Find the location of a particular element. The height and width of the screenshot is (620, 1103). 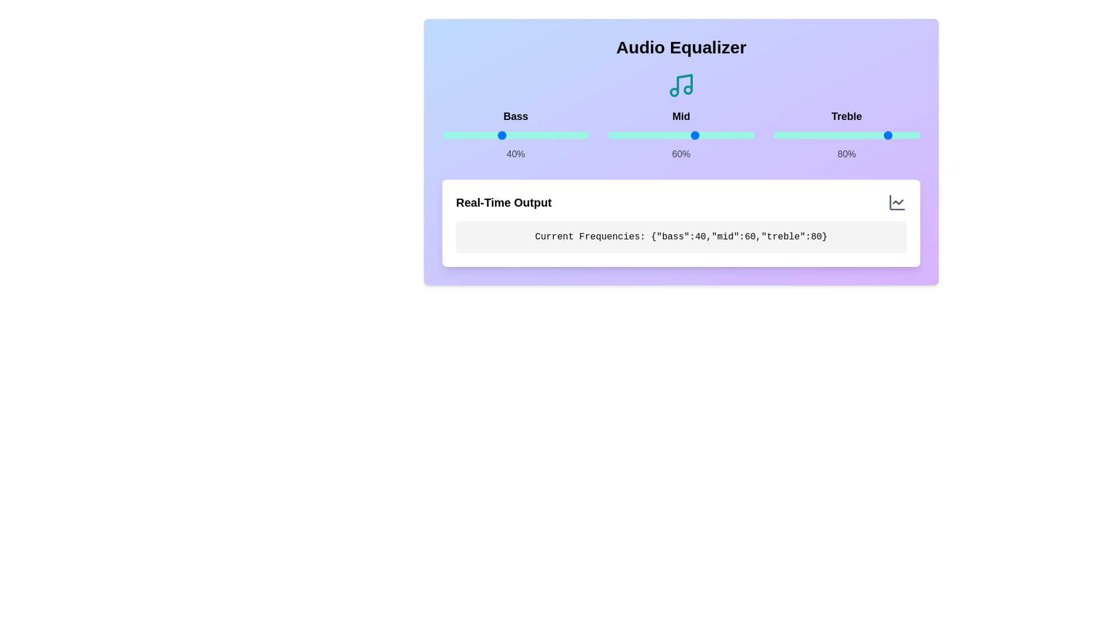

the 'Mid' frequency level is located at coordinates (646, 134).